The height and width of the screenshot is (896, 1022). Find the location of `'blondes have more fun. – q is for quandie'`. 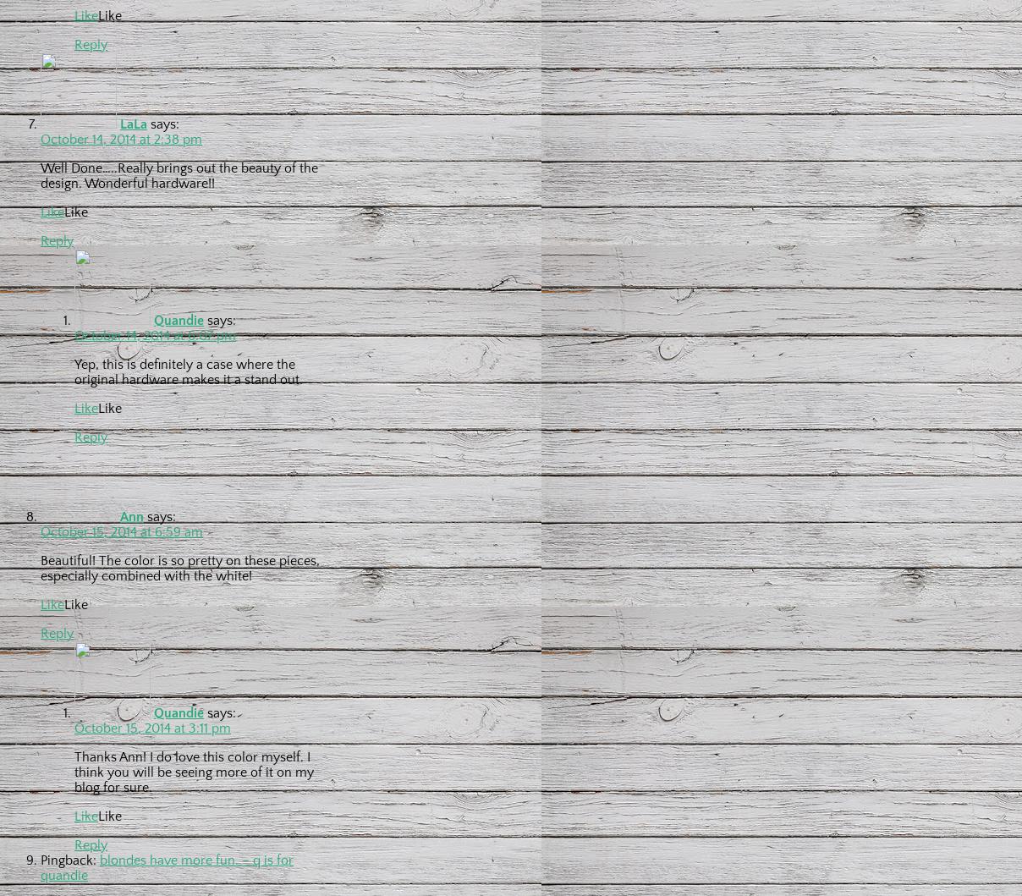

'blondes have more fun. – q is for quandie' is located at coordinates (39, 866).